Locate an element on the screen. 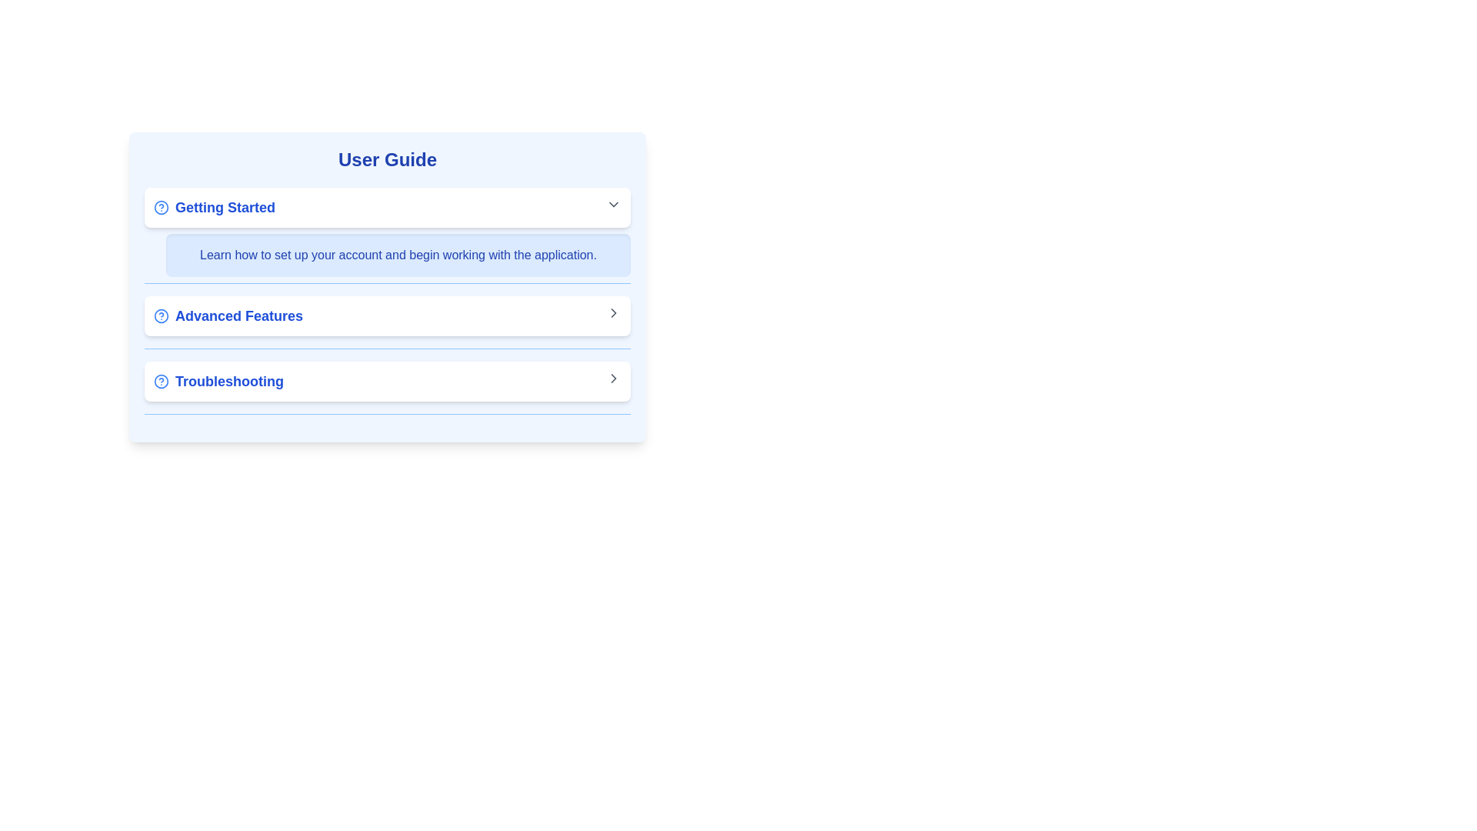 This screenshot has width=1477, height=831. the circular blue icon with a question mark inside, located to the left of the 'Advanced Features' label text is located at coordinates (162, 315).